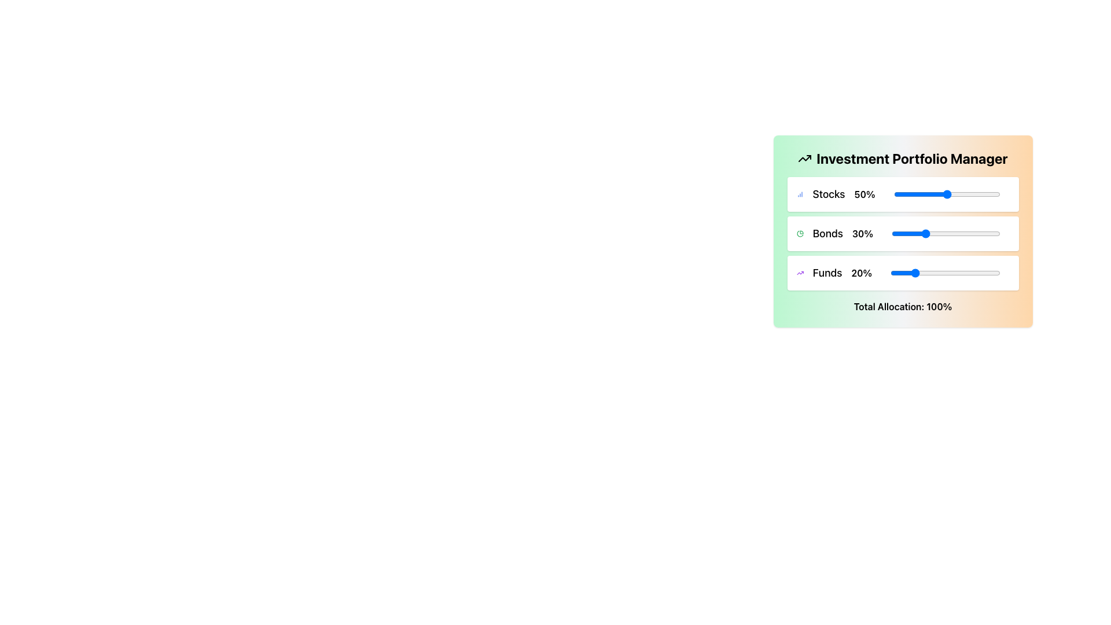 This screenshot has height=625, width=1111. What do you see at coordinates (957, 273) in the screenshot?
I see `the 'Funds' allocation` at bounding box center [957, 273].